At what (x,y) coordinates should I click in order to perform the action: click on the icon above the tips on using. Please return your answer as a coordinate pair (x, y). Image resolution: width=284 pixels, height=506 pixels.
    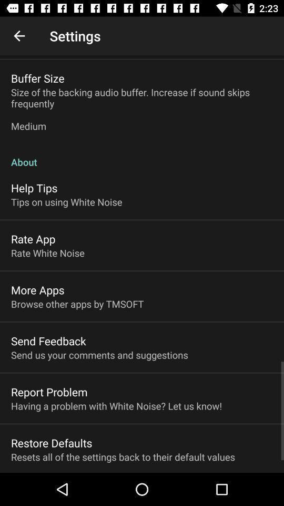
    Looking at the image, I should click on (34, 188).